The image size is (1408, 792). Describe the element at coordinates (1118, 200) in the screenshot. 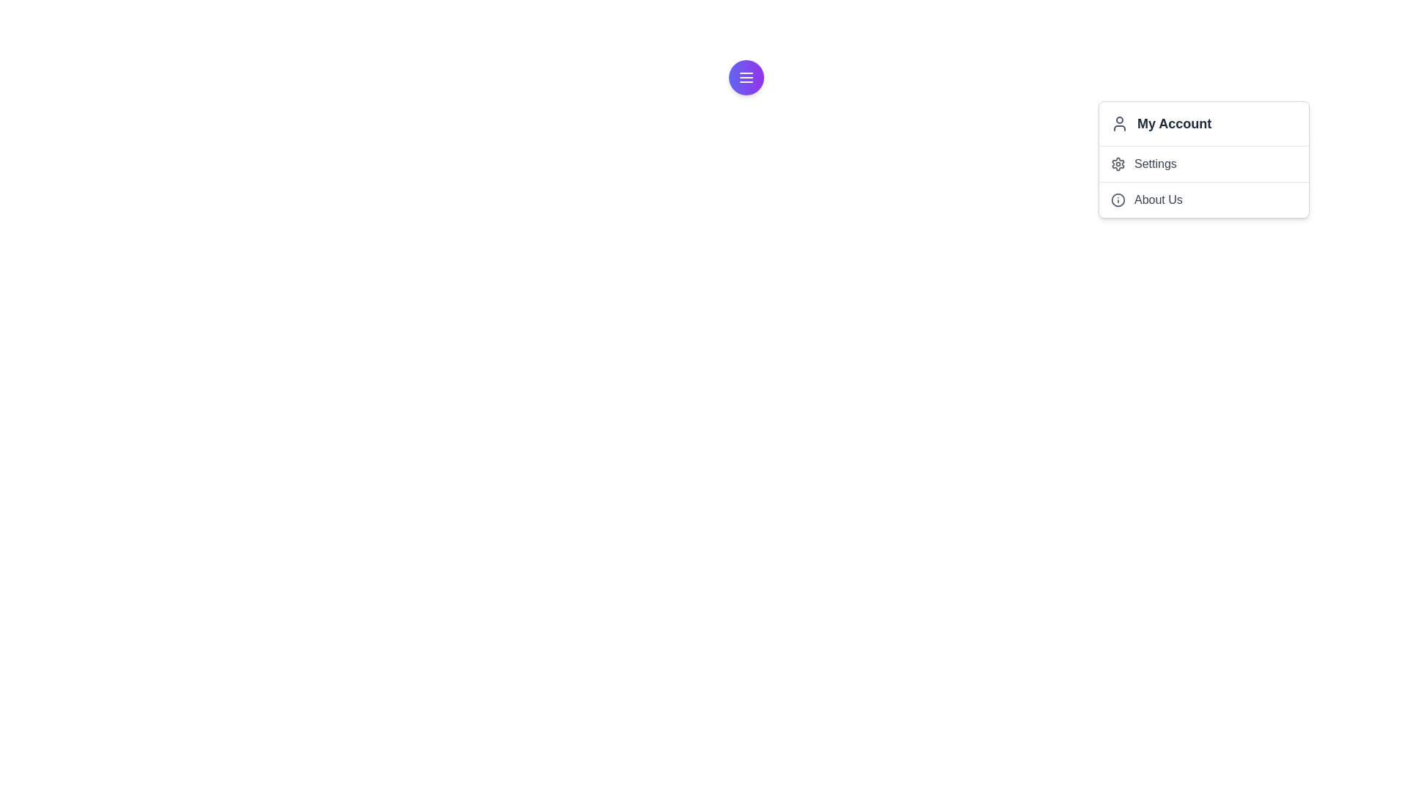

I see `the 'About Us' icon located to the left of the 'About Us' text to highlight or activate the menu option` at that location.